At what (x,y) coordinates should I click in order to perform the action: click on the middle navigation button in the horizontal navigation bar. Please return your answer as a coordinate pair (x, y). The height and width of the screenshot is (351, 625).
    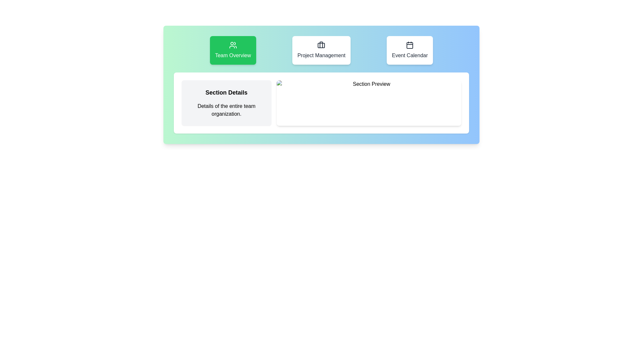
    Looking at the image, I should click on (321, 50).